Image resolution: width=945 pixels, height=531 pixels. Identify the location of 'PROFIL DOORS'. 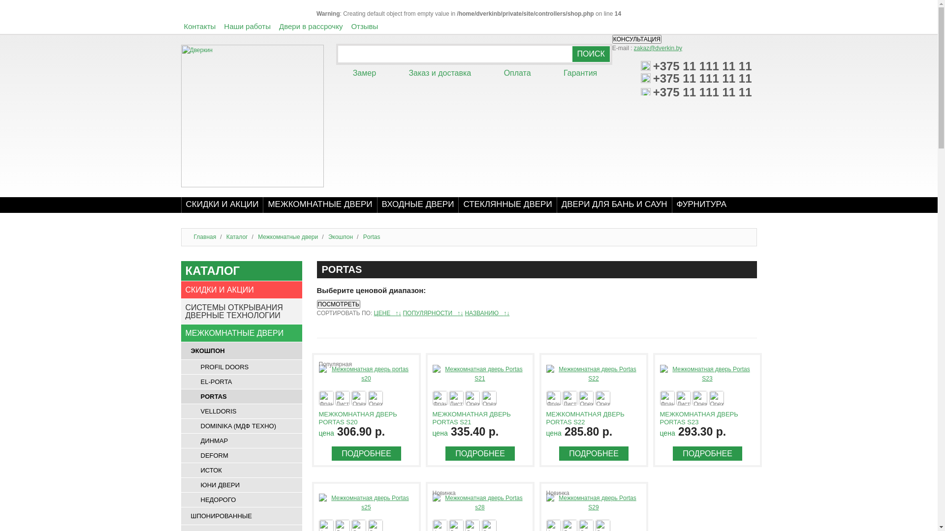
(241, 367).